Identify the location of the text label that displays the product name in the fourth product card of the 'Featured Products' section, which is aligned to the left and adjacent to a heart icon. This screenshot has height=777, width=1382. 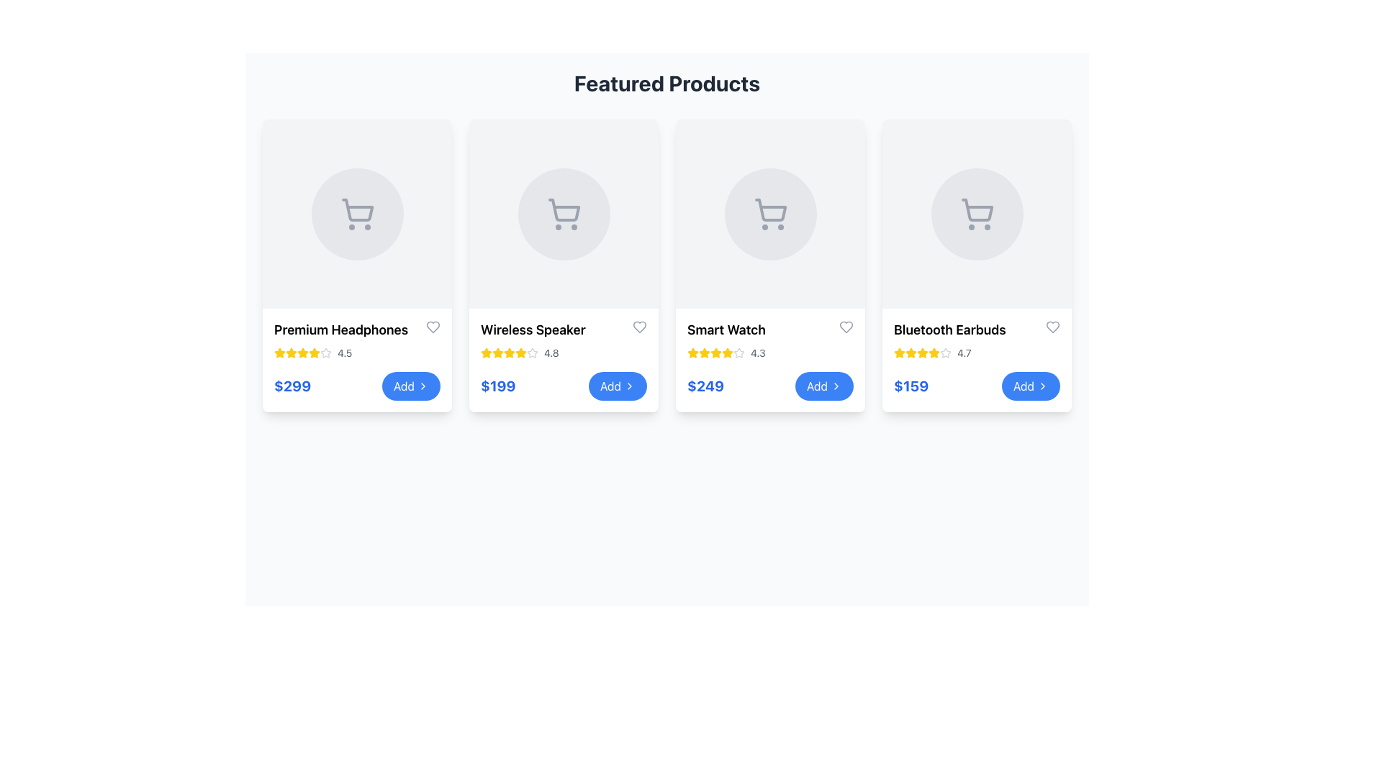
(977, 330).